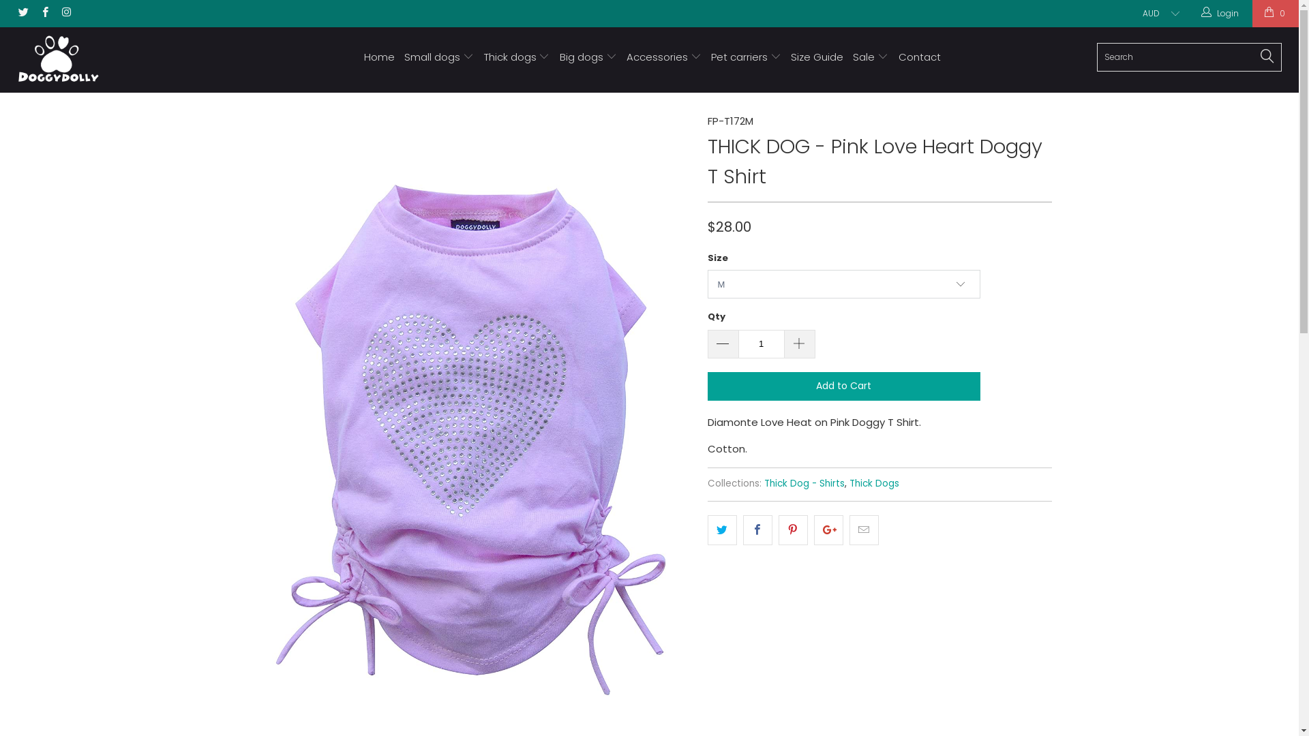 Image resolution: width=1309 pixels, height=736 pixels. I want to click on 'Login', so click(1200, 13).